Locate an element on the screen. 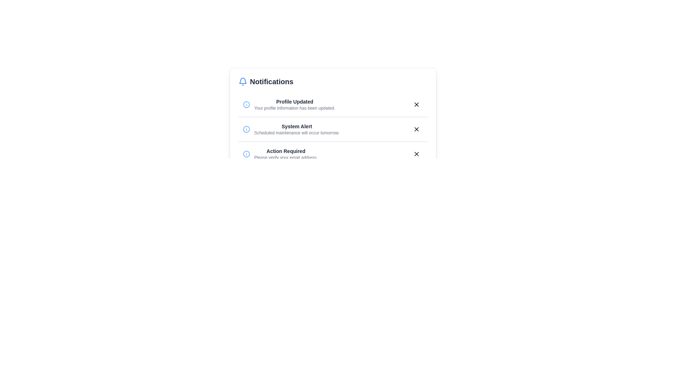 The height and width of the screenshot is (387, 689). the 'Profile Updated' static text element which is bold and larger than the surrounding text, positioned at the top of the notification message is located at coordinates (295, 102).